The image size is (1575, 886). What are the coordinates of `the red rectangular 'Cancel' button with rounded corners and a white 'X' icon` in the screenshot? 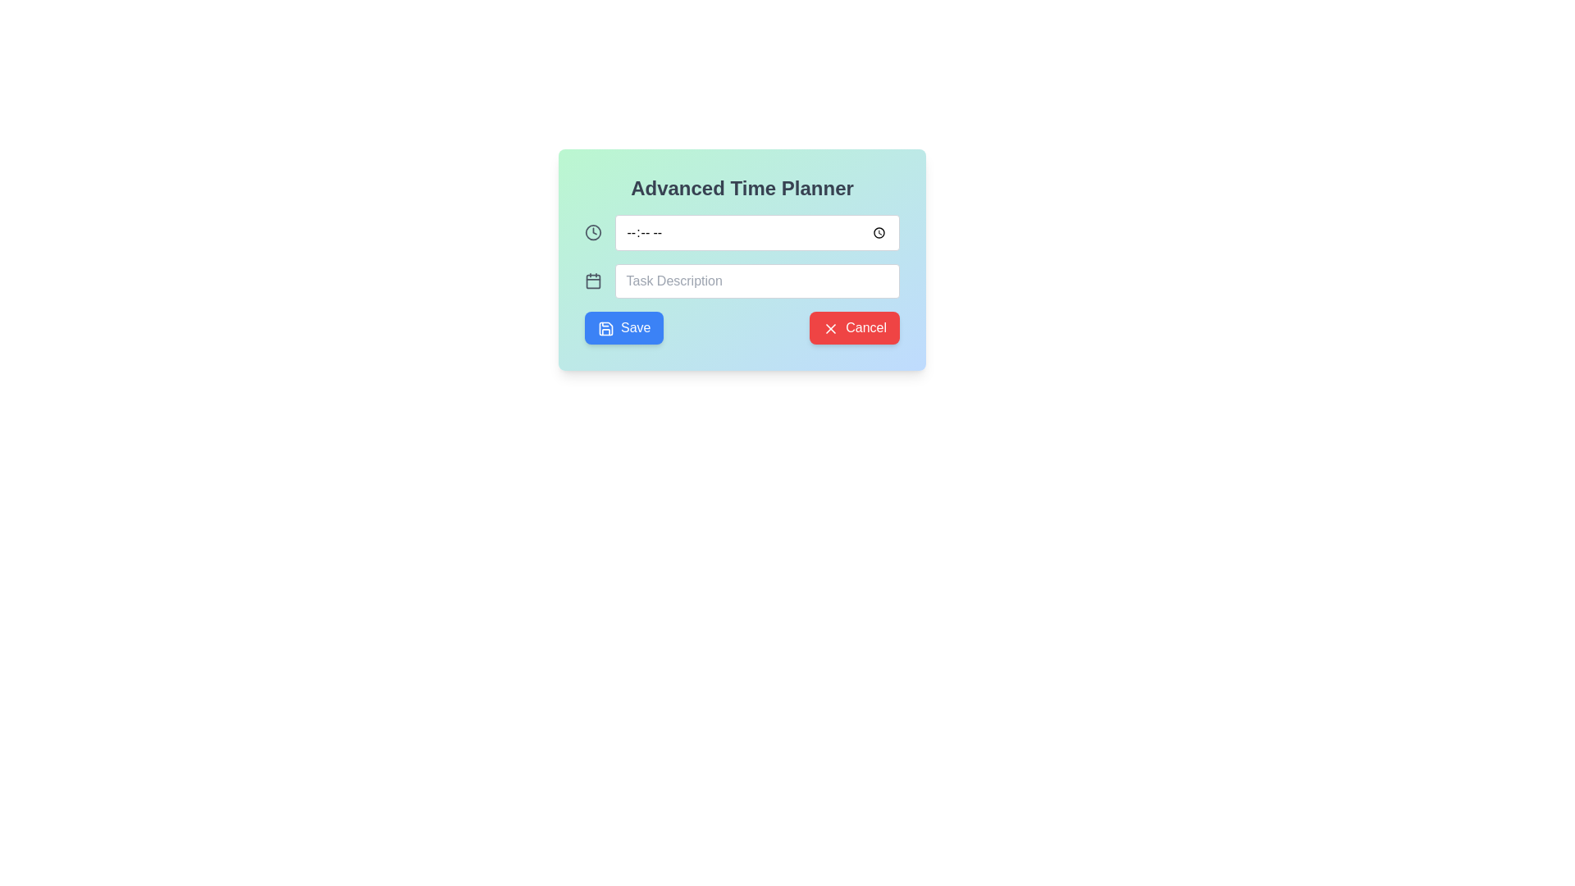 It's located at (854, 328).